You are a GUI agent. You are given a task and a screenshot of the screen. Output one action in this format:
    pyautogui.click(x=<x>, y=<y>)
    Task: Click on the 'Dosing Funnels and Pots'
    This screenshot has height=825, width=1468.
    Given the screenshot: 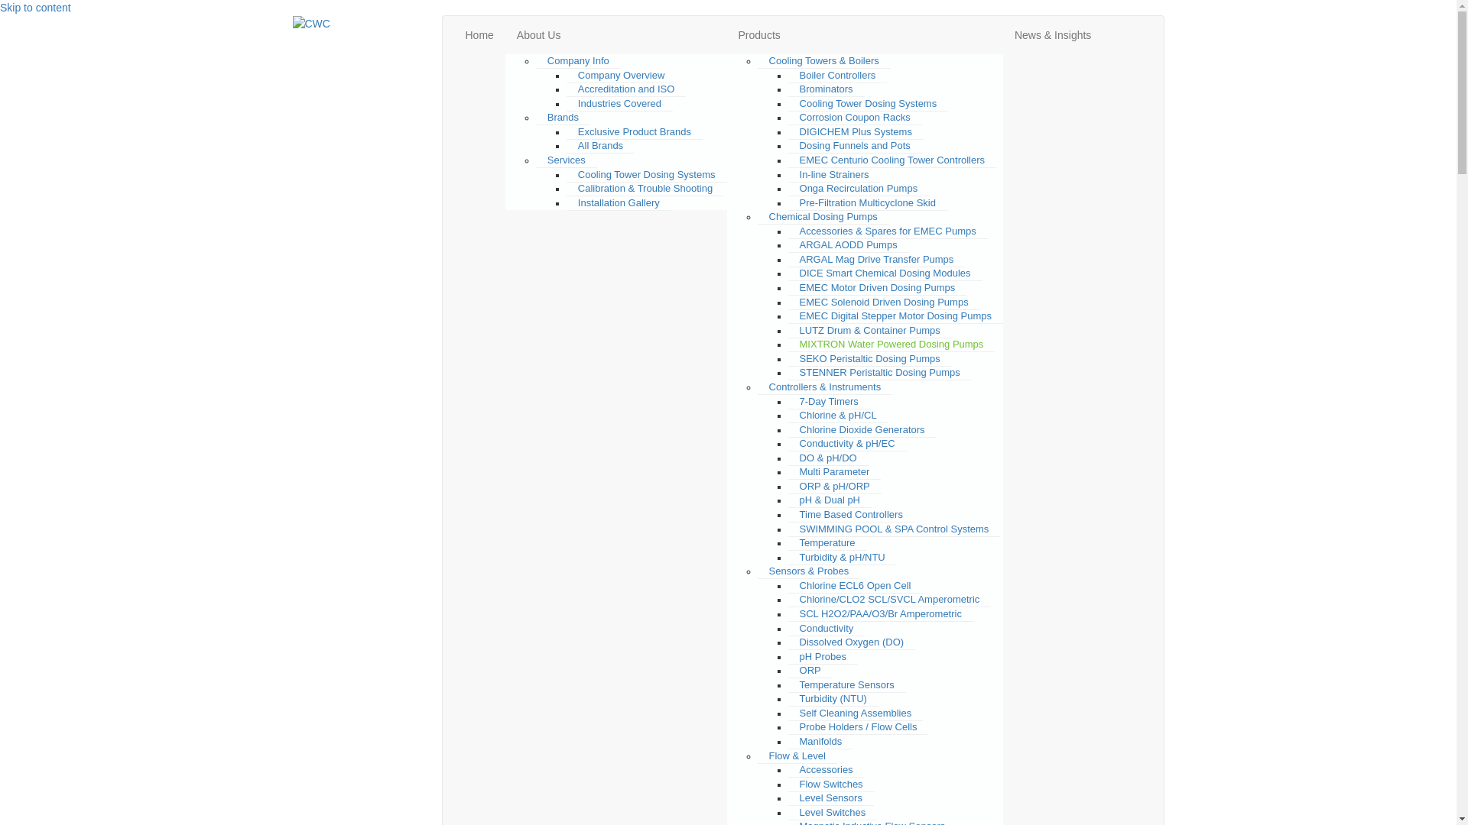 What is the action you would take?
    pyautogui.click(x=788, y=146)
    